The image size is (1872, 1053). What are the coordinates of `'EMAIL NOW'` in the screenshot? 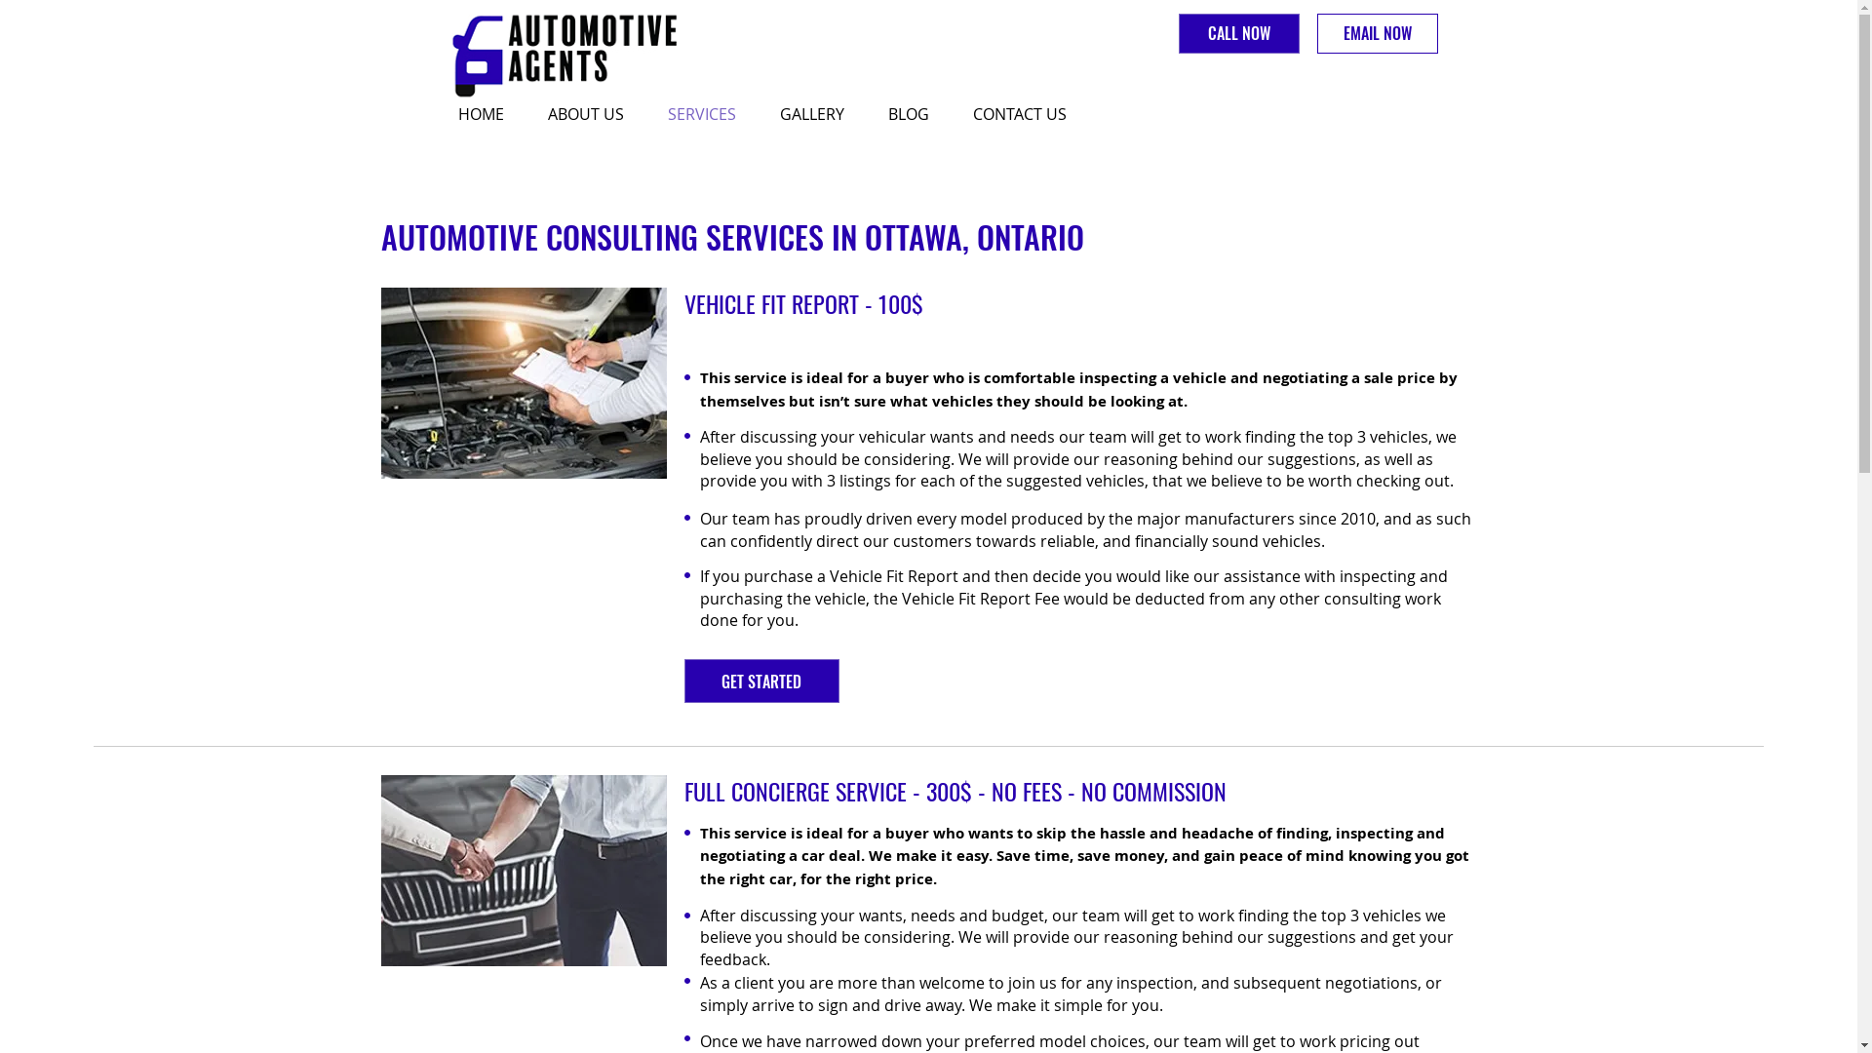 It's located at (1375, 33).